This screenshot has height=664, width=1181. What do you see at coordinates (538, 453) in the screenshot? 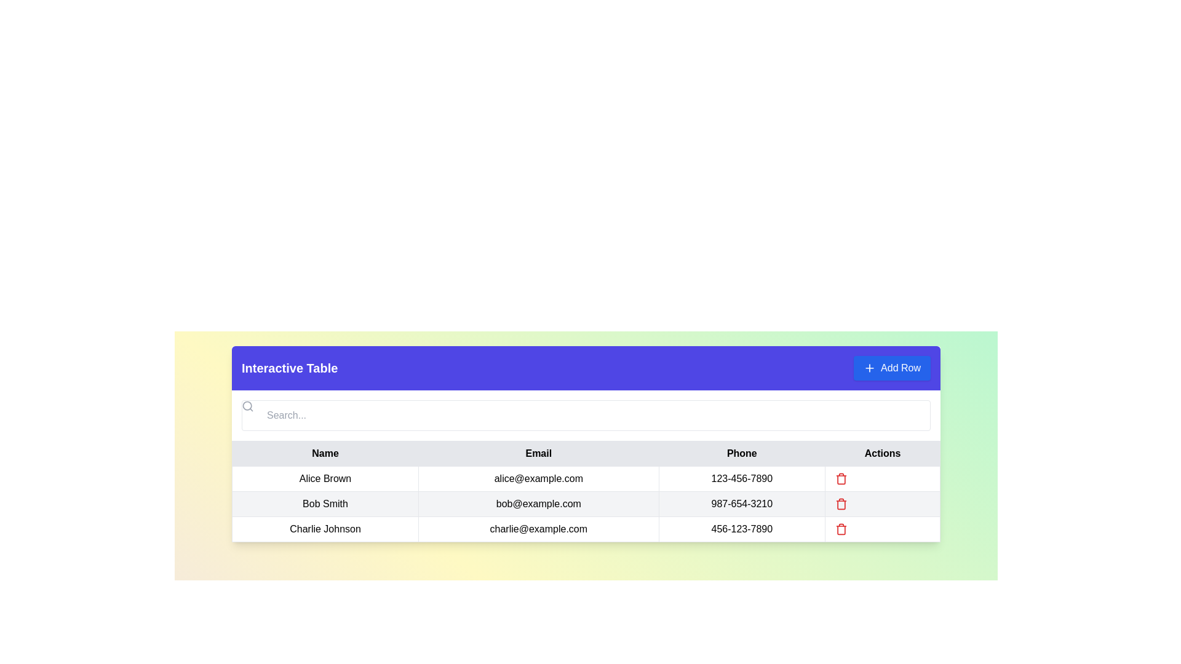
I see `the 'Email' header in the table to focus it, which is centrally aligned in a light gray background, positioned between 'Name' and 'Phone' headers` at bounding box center [538, 453].